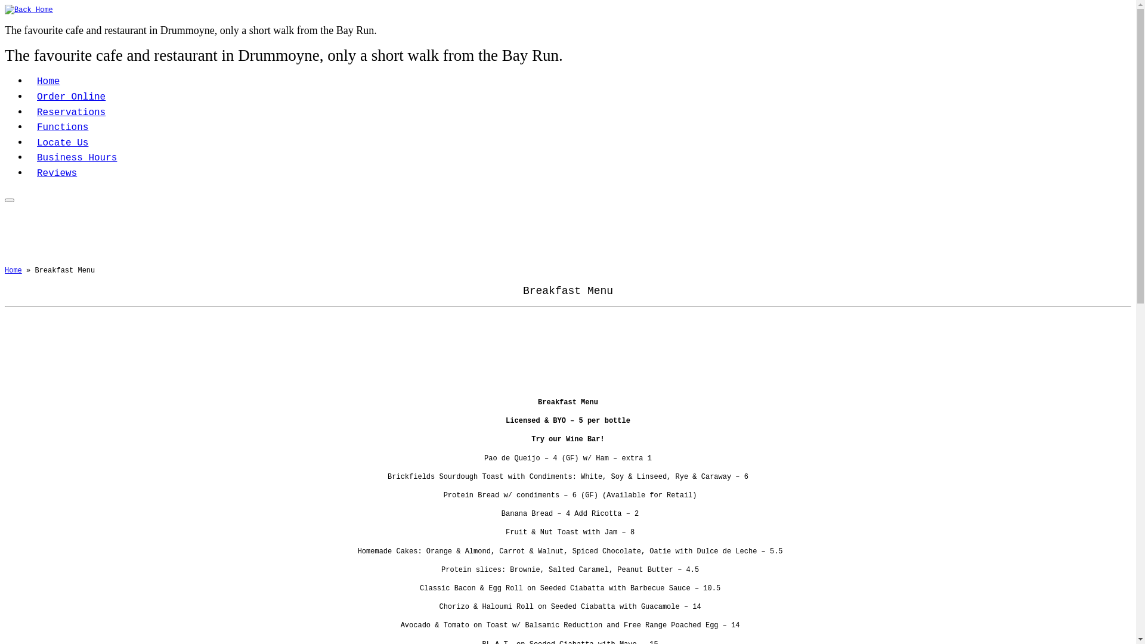 This screenshot has height=644, width=1145. Describe the element at coordinates (70, 96) in the screenshot. I see `'Order Online'` at that location.